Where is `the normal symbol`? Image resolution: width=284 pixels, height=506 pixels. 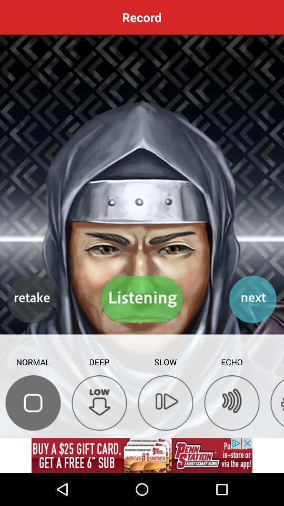 the normal symbol is located at coordinates (33, 402).